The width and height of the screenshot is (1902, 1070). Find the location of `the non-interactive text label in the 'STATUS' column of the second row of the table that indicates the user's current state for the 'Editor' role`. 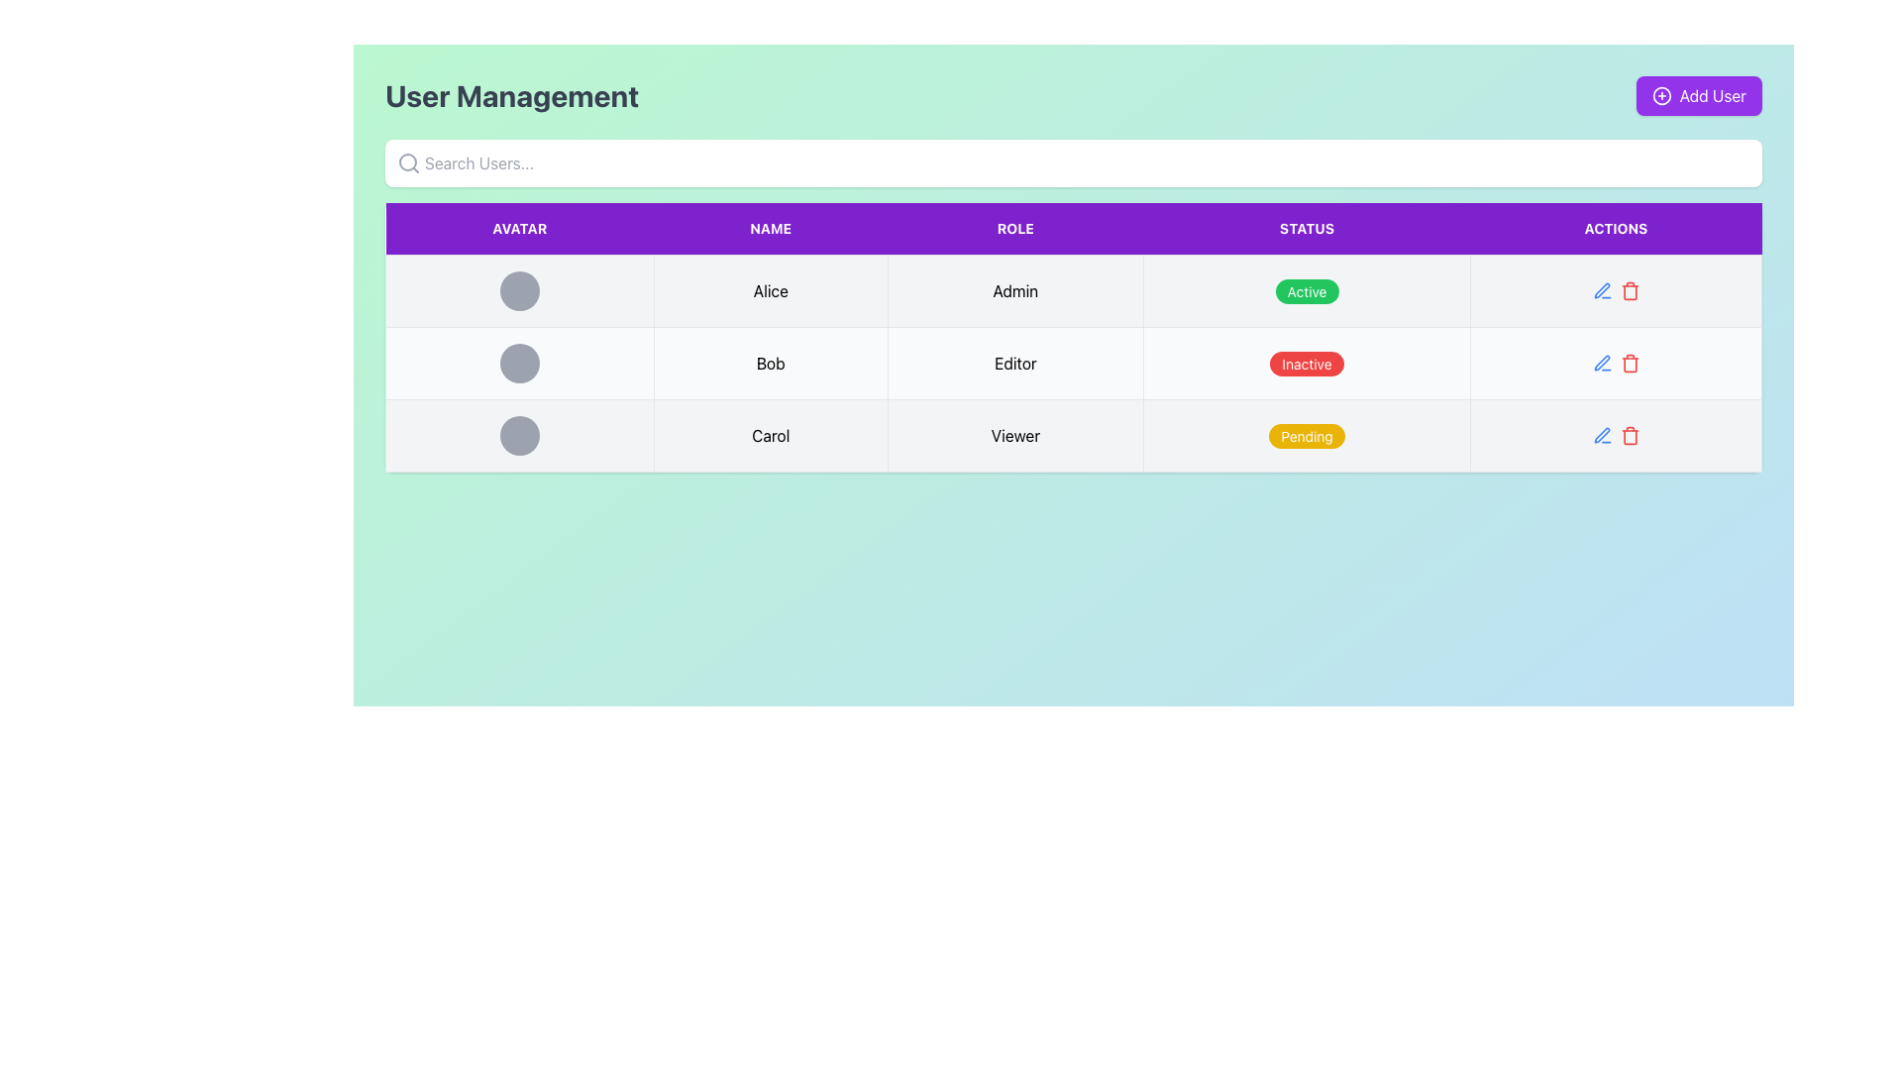

the non-interactive text label in the 'STATUS' column of the second row of the table that indicates the user's current state for the 'Editor' role is located at coordinates (1307, 364).